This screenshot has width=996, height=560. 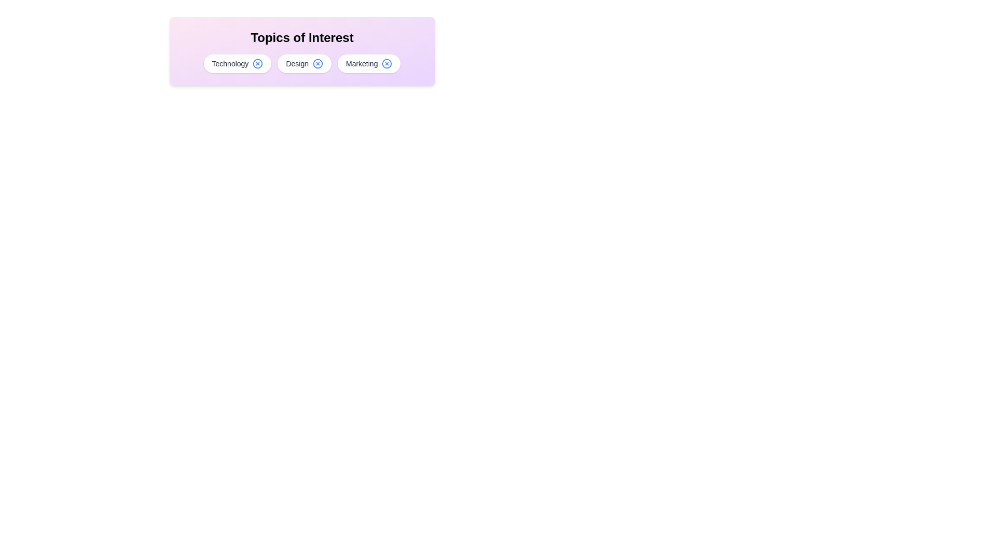 I want to click on the chip labeled Marketing by clicking its 'X' button, so click(x=386, y=64).